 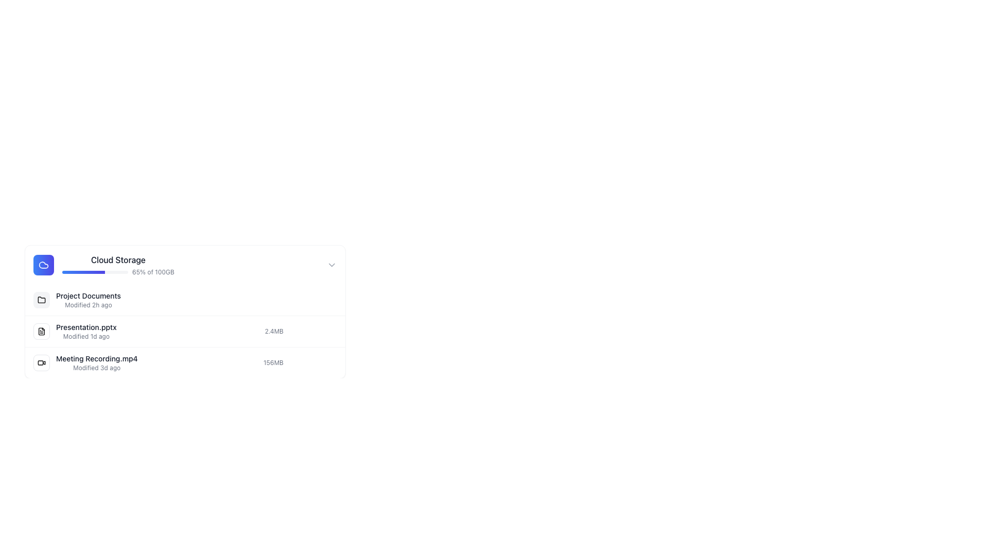 I want to click on metadata information displayed in the Text label located below the title 'Meeting Recording.mp4', so click(x=97, y=367).